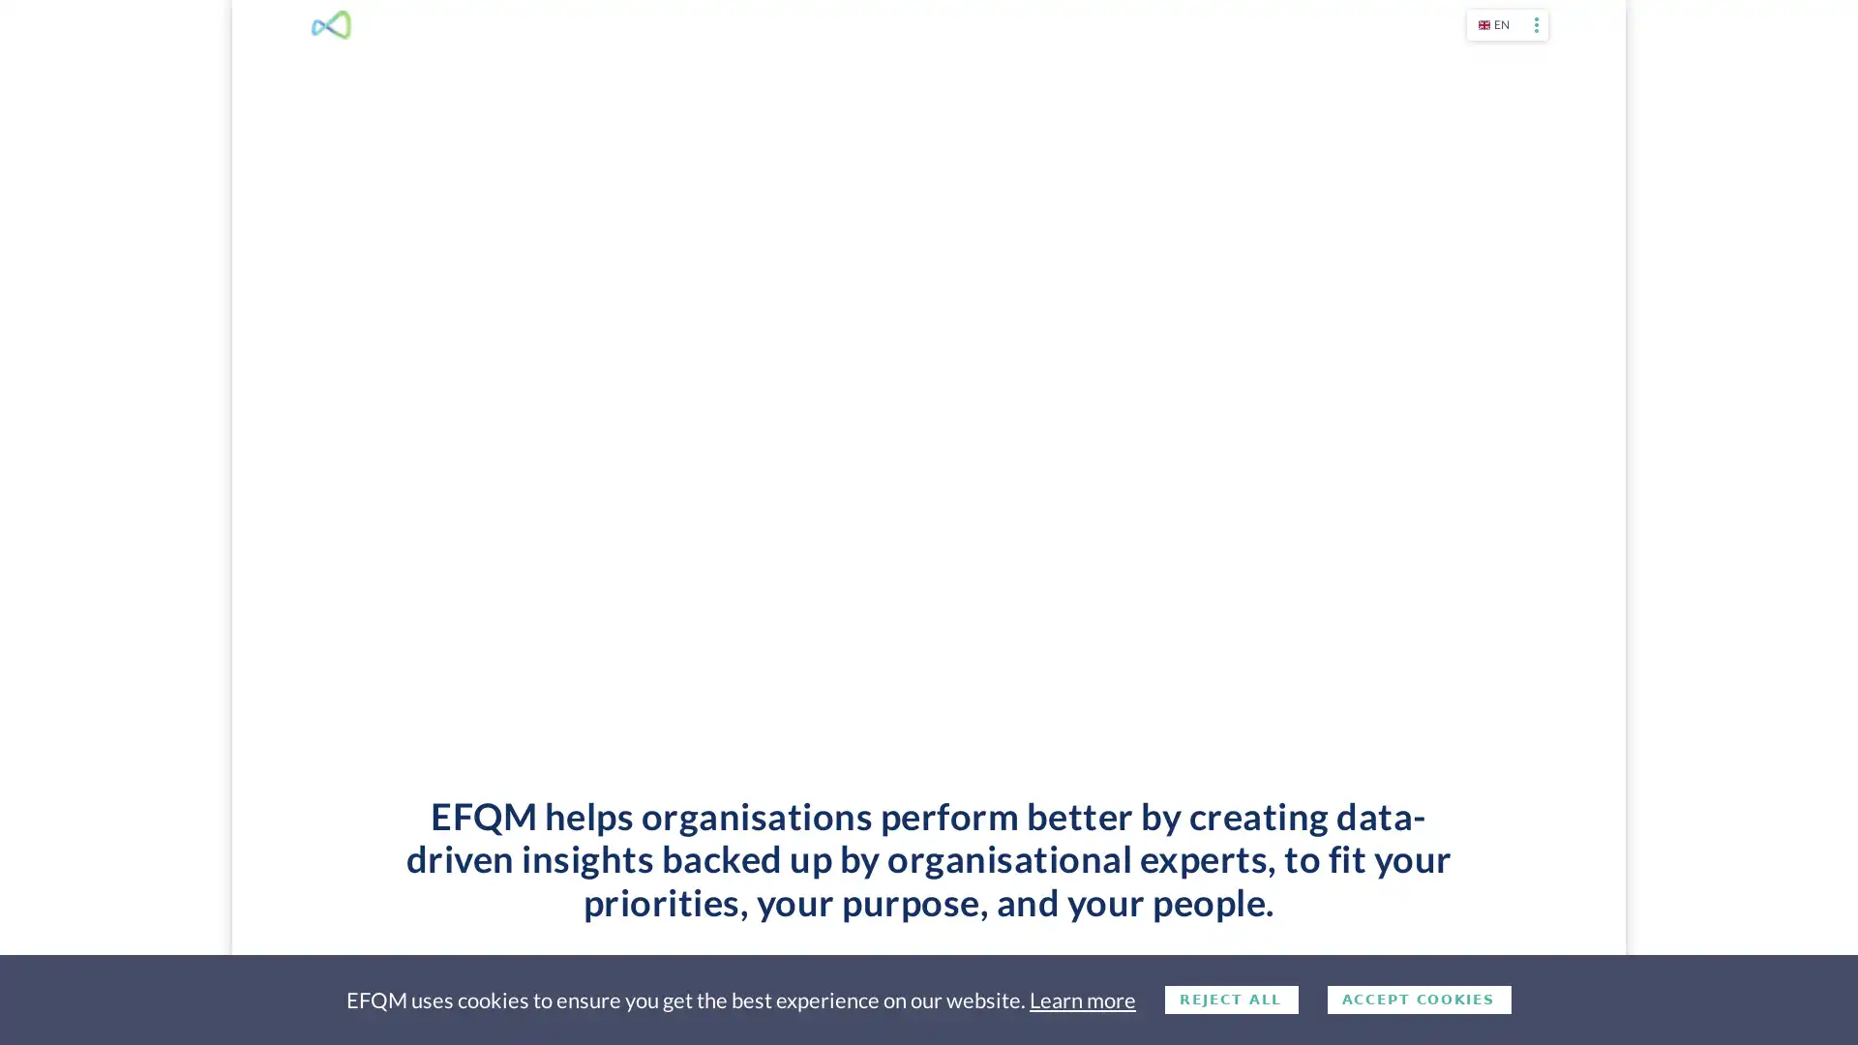 Image resolution: width=1858 pixels, height=1045 pixels. Describe the element at coordinates (1488, 68) in the screenshot. I see `MEMBERSHIP` at that location.